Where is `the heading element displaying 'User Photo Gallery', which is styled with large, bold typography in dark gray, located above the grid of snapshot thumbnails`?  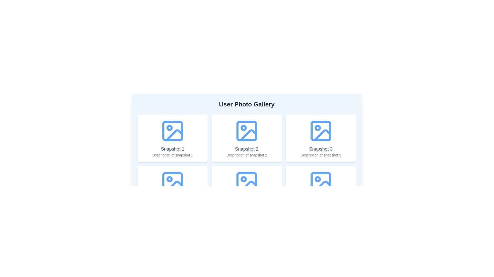 the heading element displaying 'User Photo Gallery', which is styled with large, bold typography in dark gray, located above the grid of snapshot thumbnails is located at coordinates (246, 104).